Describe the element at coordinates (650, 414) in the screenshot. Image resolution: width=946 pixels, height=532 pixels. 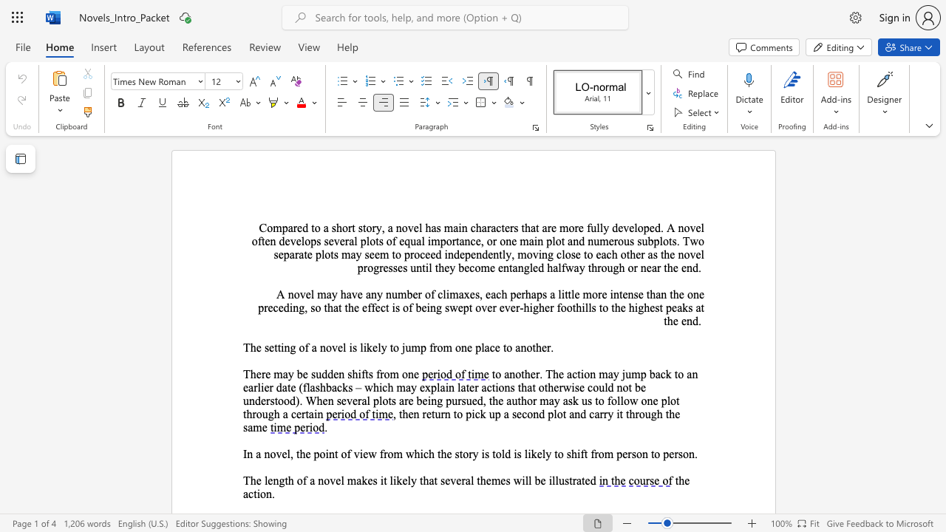
I see `the subset text "gh" within the text ", then return to pick up a second plot and carry it through the same"` at that location.